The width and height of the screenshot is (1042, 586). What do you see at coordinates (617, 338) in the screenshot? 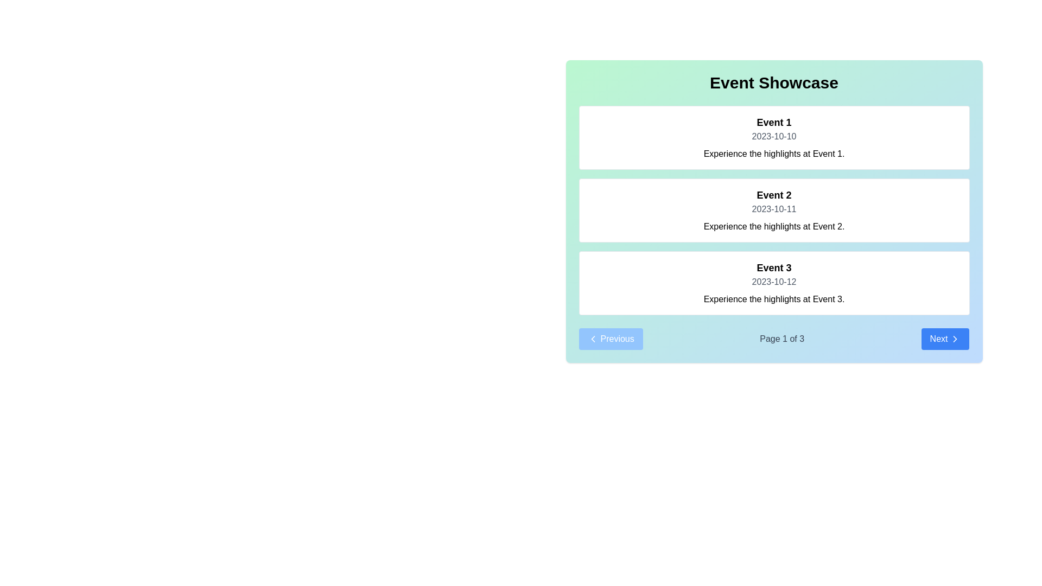
I see `text label that displays 'Previous' within the button located at the bottom-left corner of the interface, which has a blue background and is accompanied by a left-pointing icon` at bounding box center [617, 338].